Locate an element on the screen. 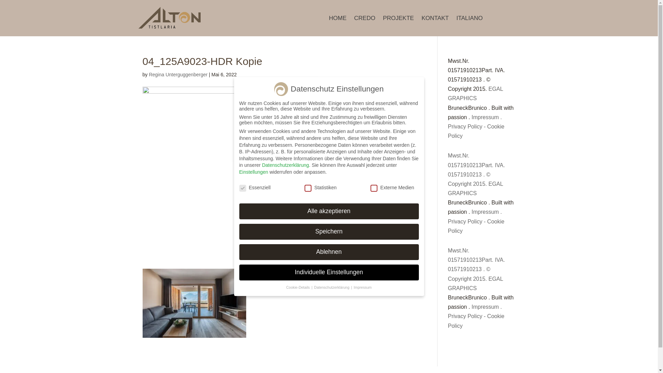 Image resolution: width=663 pixels, height=373 pixels. 'Privacy Policy' is located at coordinates (465, 126).